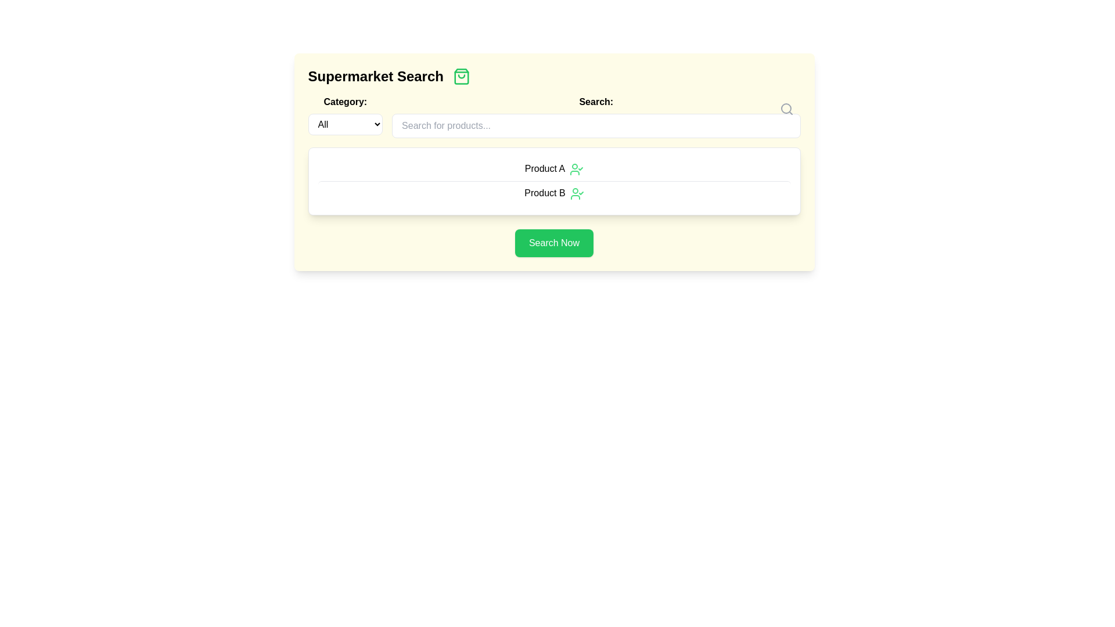  I want to click on the product name in the List or Menu Section which displays 'Product A' and 'Product B' with user icons, so click(553, 181).